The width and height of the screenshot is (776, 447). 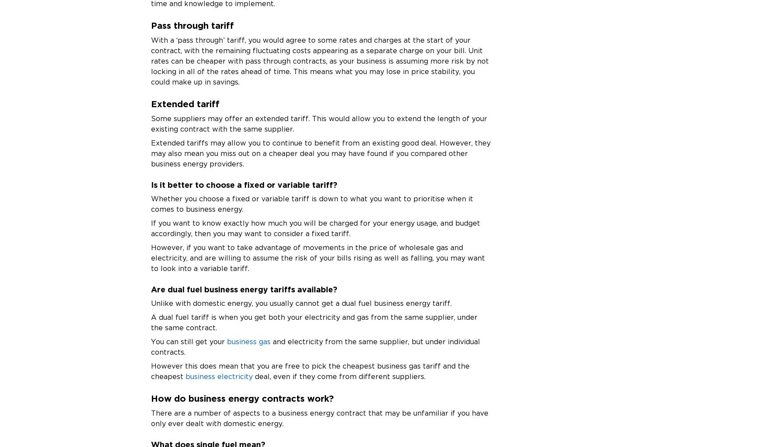 I want to click on 'deal, even if they come from different suppliers.', so click(x=339, y=376).